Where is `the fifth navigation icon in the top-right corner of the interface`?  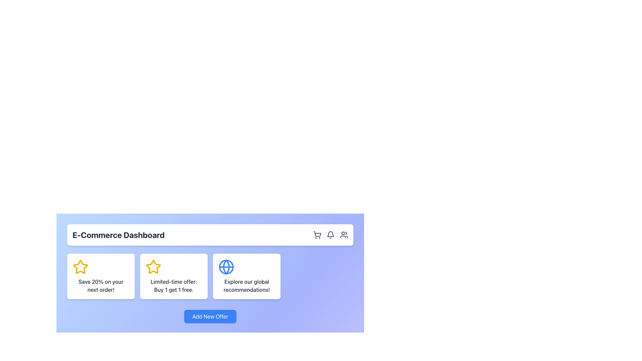
the fifth navigation icon in the top-right corner of the interface is located at coordinates (344, 234).